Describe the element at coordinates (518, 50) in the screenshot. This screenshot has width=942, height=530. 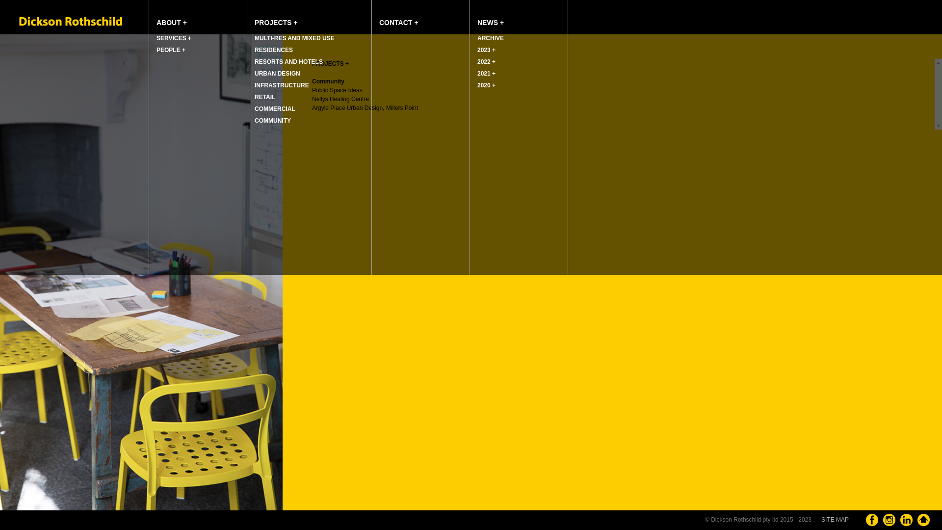
I see `'2023 +'` at that location.